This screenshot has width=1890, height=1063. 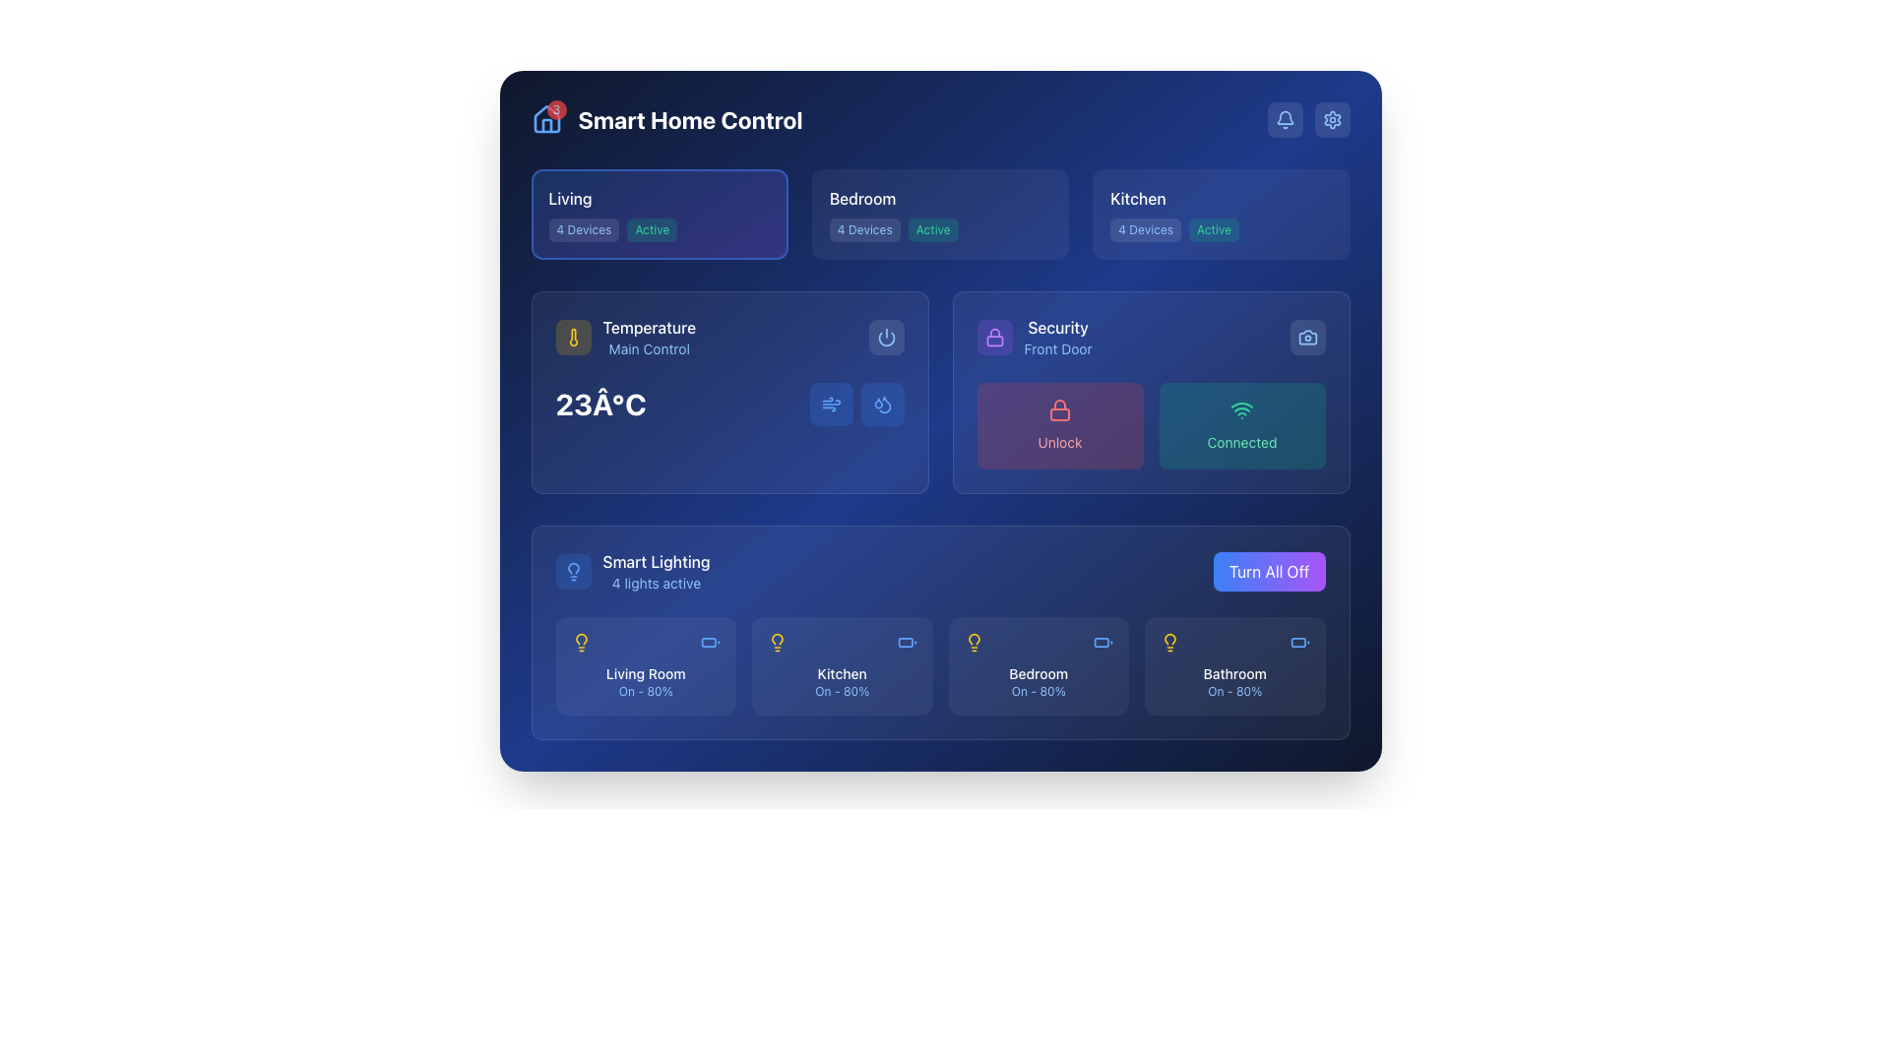 What do you see at coordinates (580, 639) in the screenshot?
I see `the status of the lightbulb icon representing the 'Living Room' light in the smart lighting section` at bounding box center [580, 639].